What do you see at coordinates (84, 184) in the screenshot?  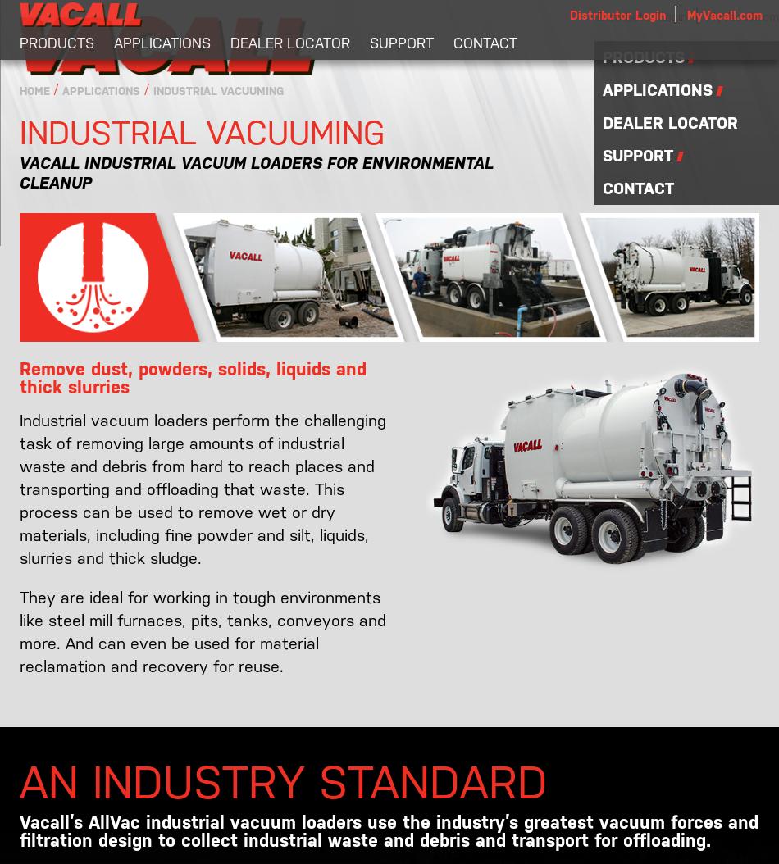 I see `'Street Sweepers'` at bounding box center [84, 184].